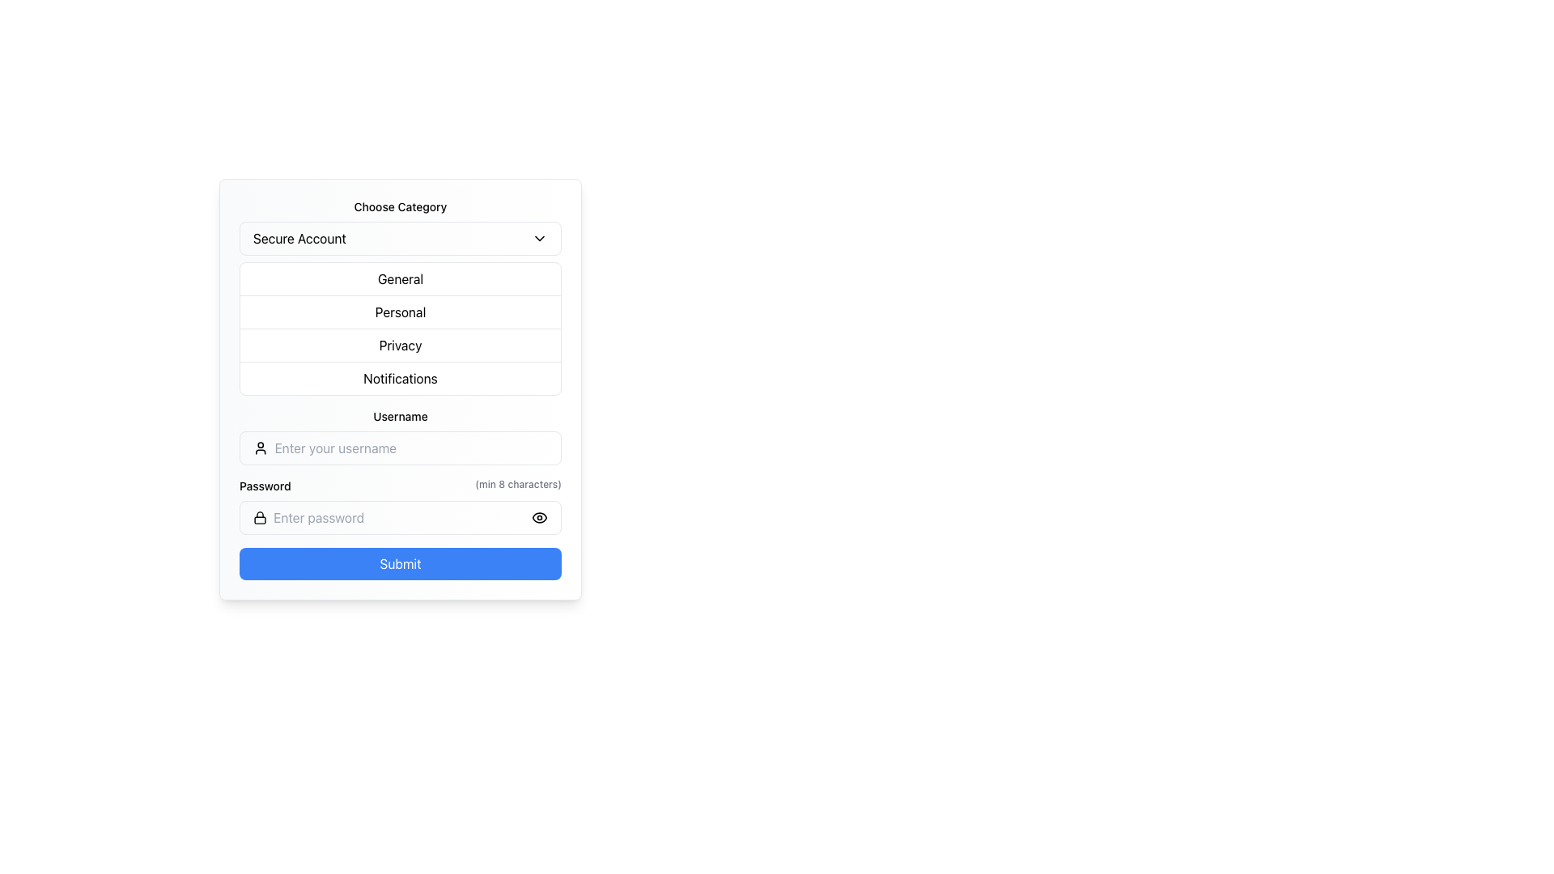 This screenshot has width=1554, height=874. What do you see at coordinates (261, 448) in the screenshot?
I see `the user figure icon located on the left side of the 'Username' input field, which is styled in black and resembles a simple geometric shape` at bounding box center [261, 448].